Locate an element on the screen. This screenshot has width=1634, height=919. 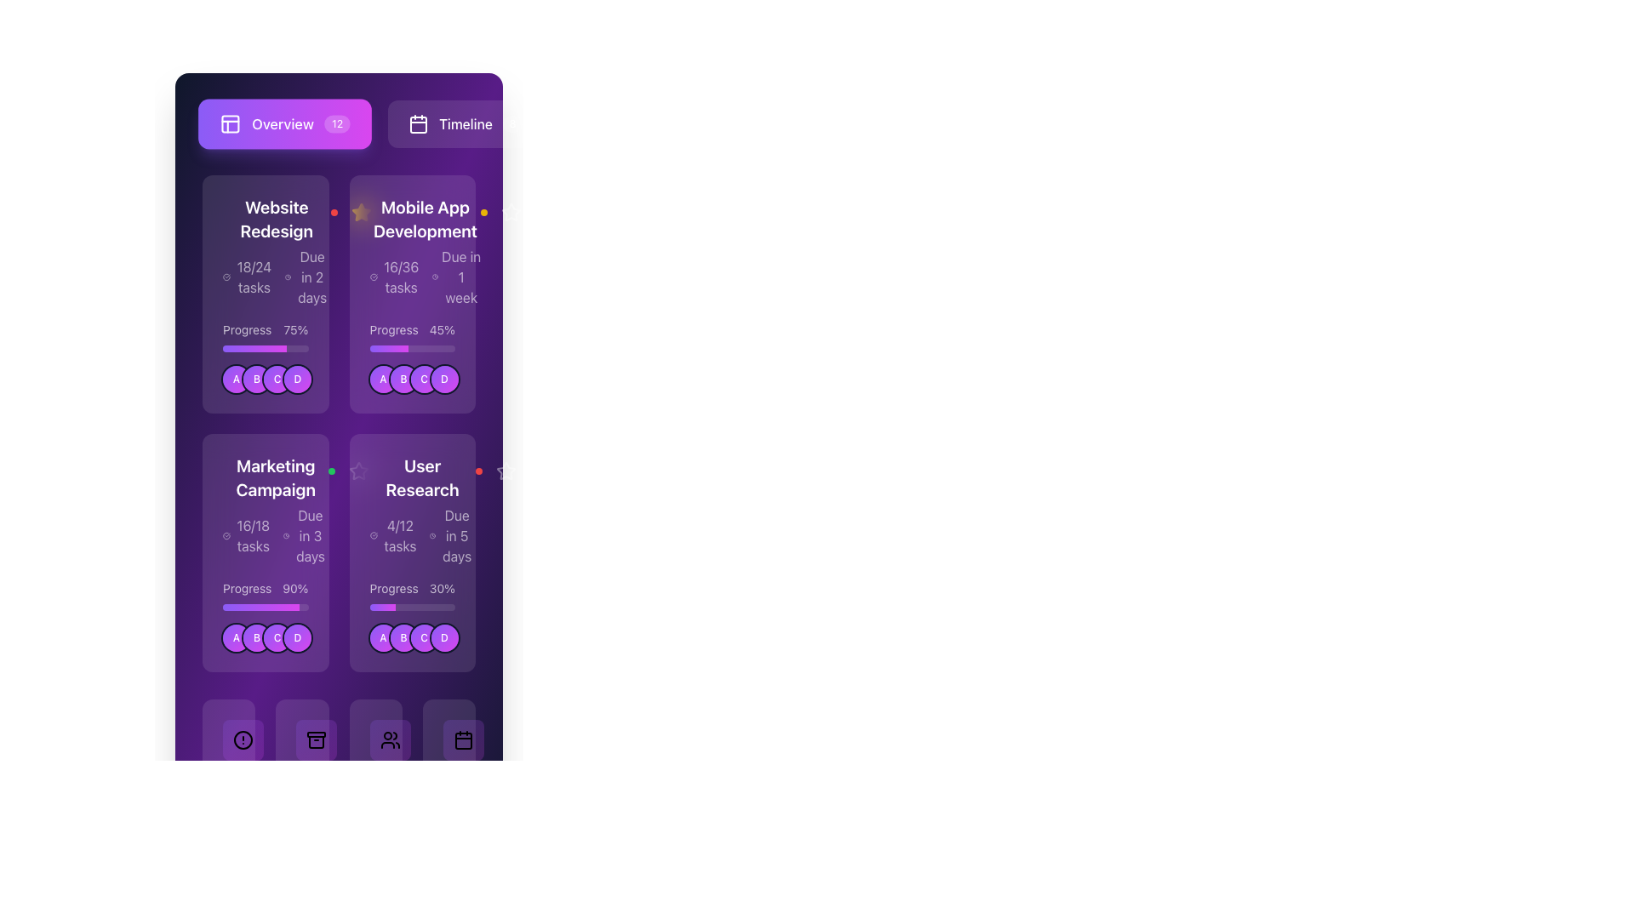
the horizontal progress bar located in the third card of the second row, positioned below 'Progress 30%' and above user avatars is located at coordinates (412, 606).